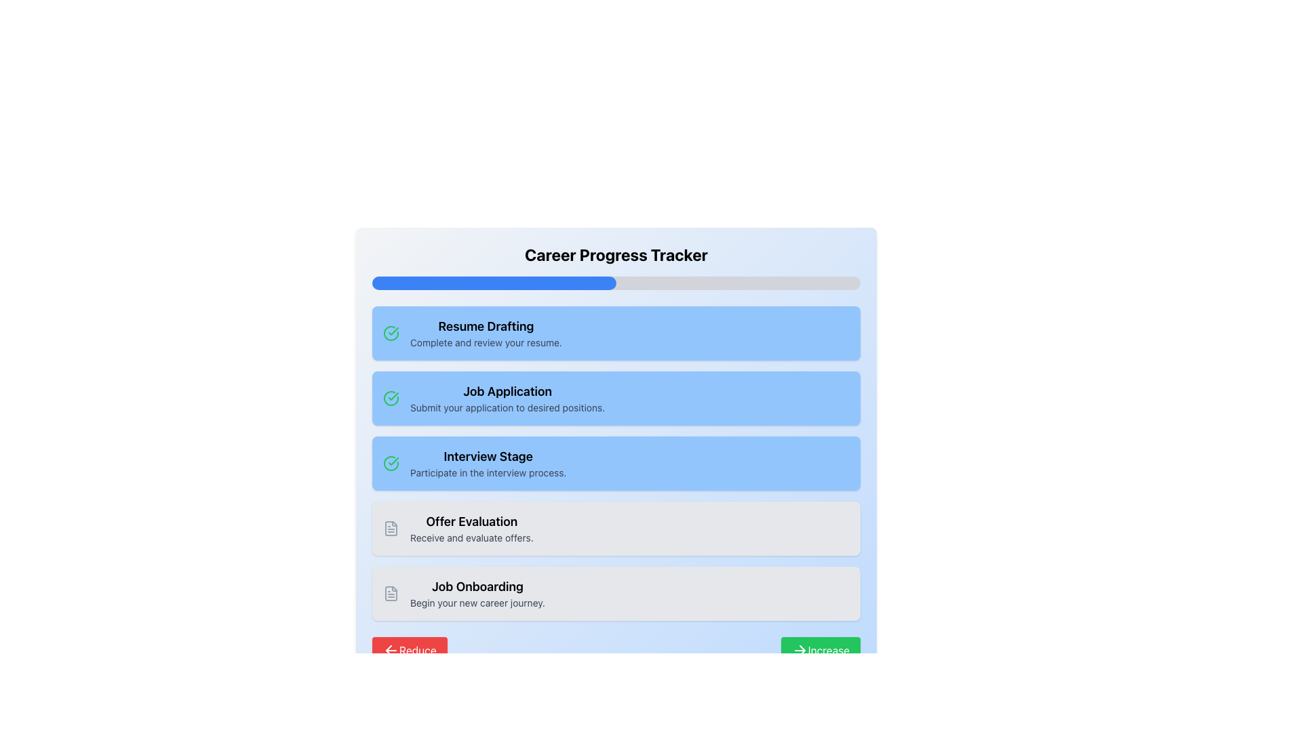 This screenshot has width=1302, height=732. I want to click on the Progress Bar Segment that visually represents a 50% completion of a task, located within the gray progress bar below 'Career Progress Tracker', so click(494, 282).